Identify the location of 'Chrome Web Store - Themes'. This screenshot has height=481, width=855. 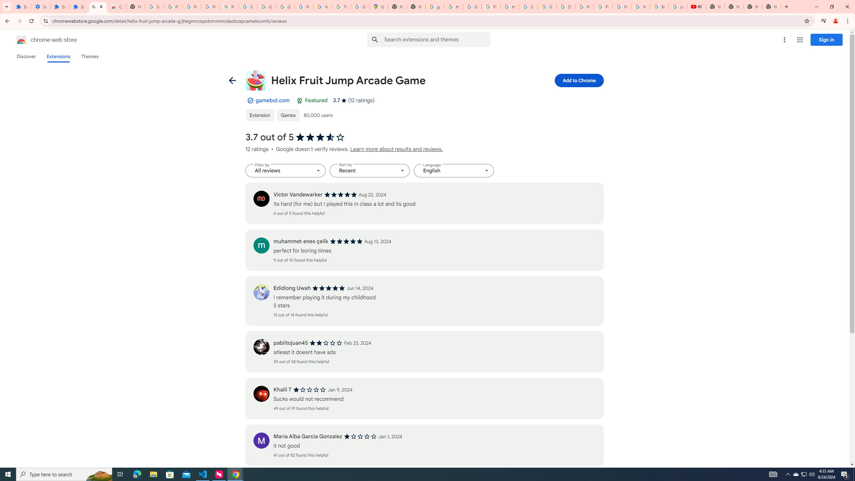
(116, 6).